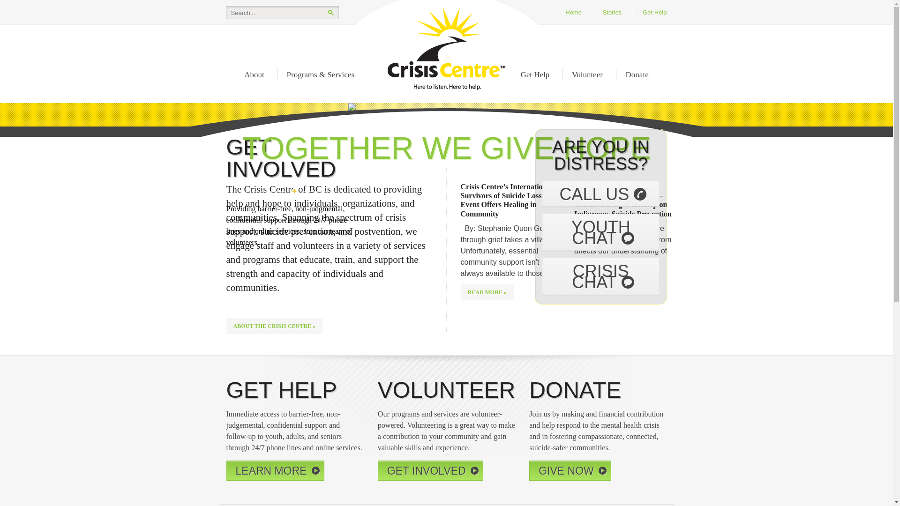  Describe the element at coordinates (570, 470) in the screenshot. I see `'GIVE NOW'` at that location.